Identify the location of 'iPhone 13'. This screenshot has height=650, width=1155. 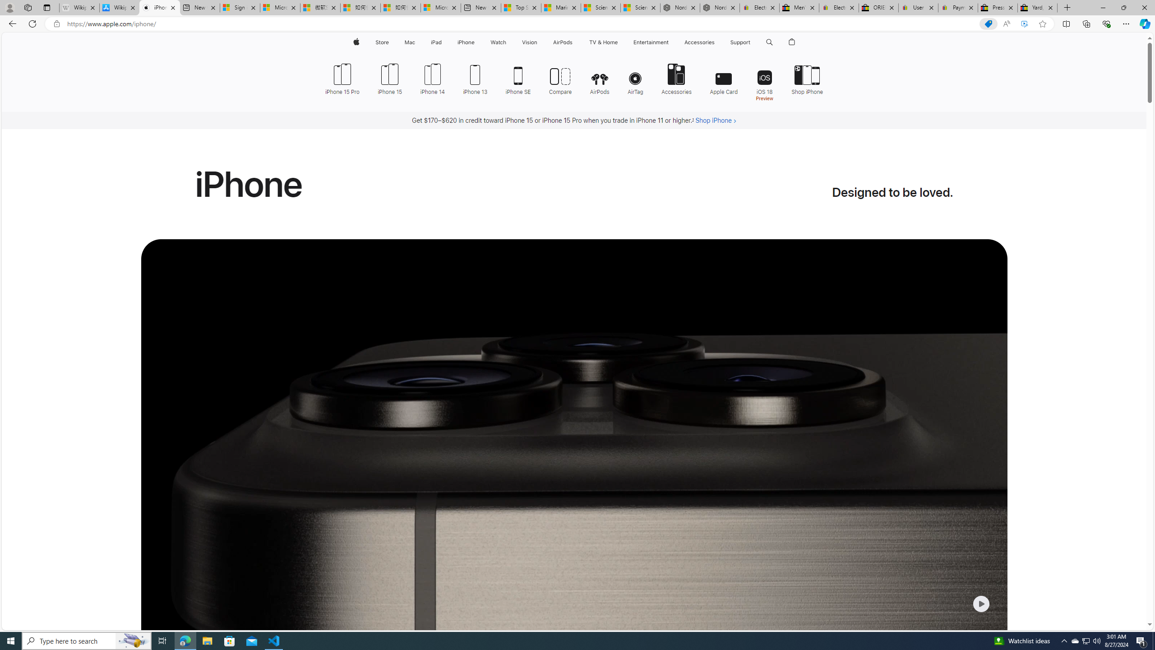
(475, 78).